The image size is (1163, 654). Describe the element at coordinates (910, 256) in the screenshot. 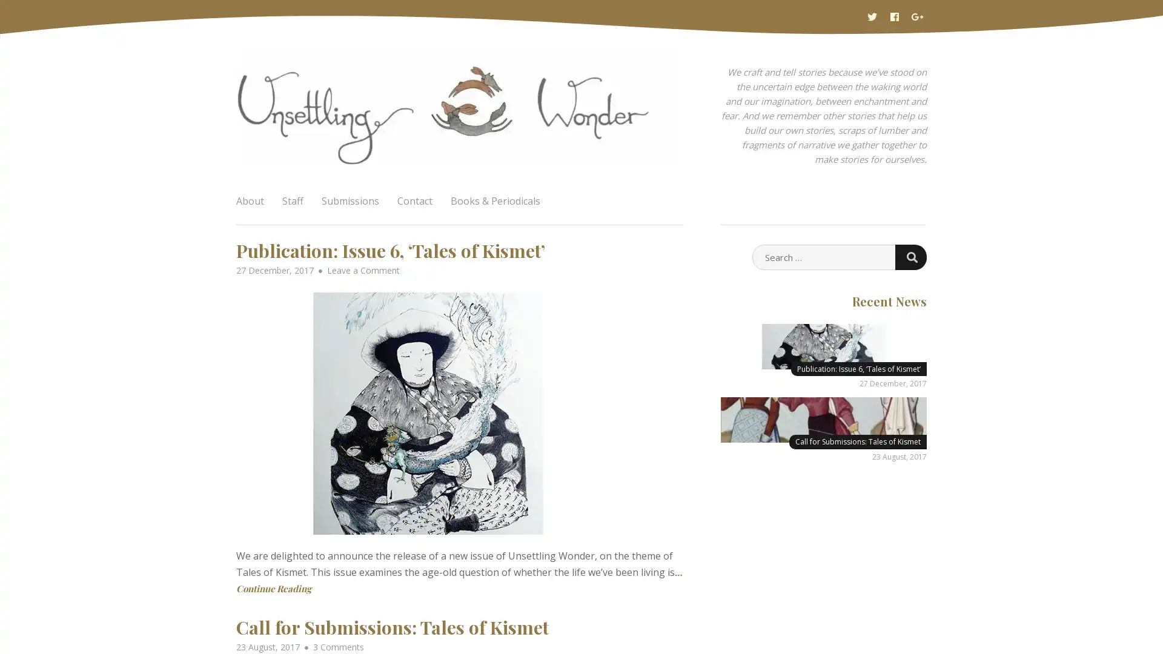

I see `SEARCH` at that location.